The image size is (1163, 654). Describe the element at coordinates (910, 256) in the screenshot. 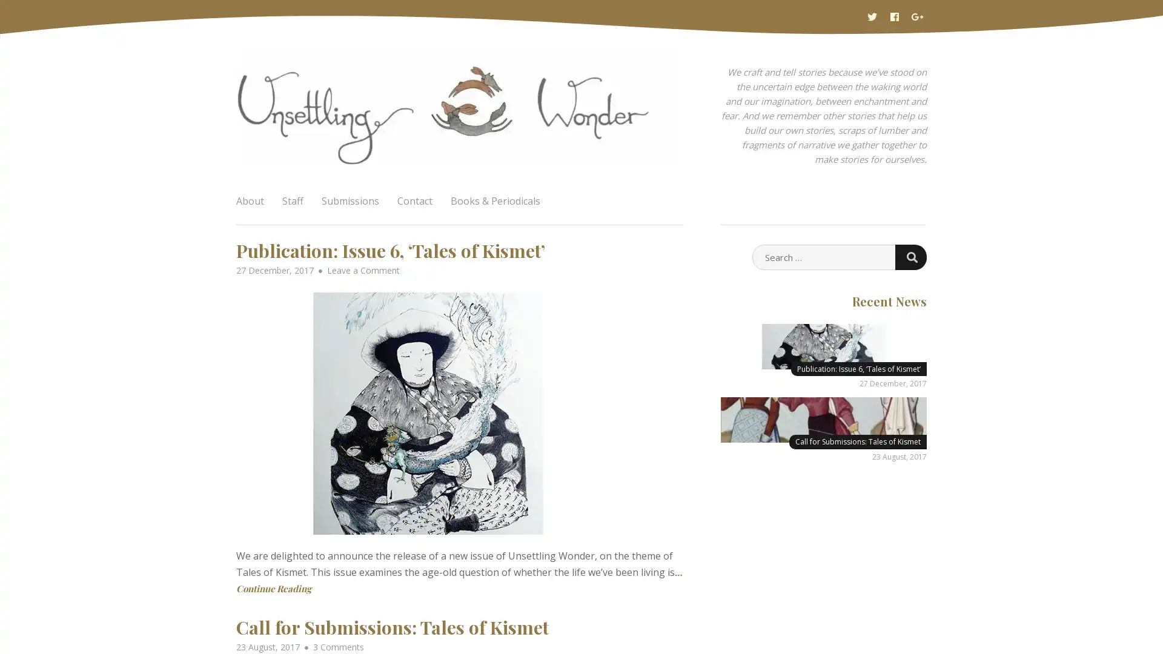

I see `SEARCH` at that location.